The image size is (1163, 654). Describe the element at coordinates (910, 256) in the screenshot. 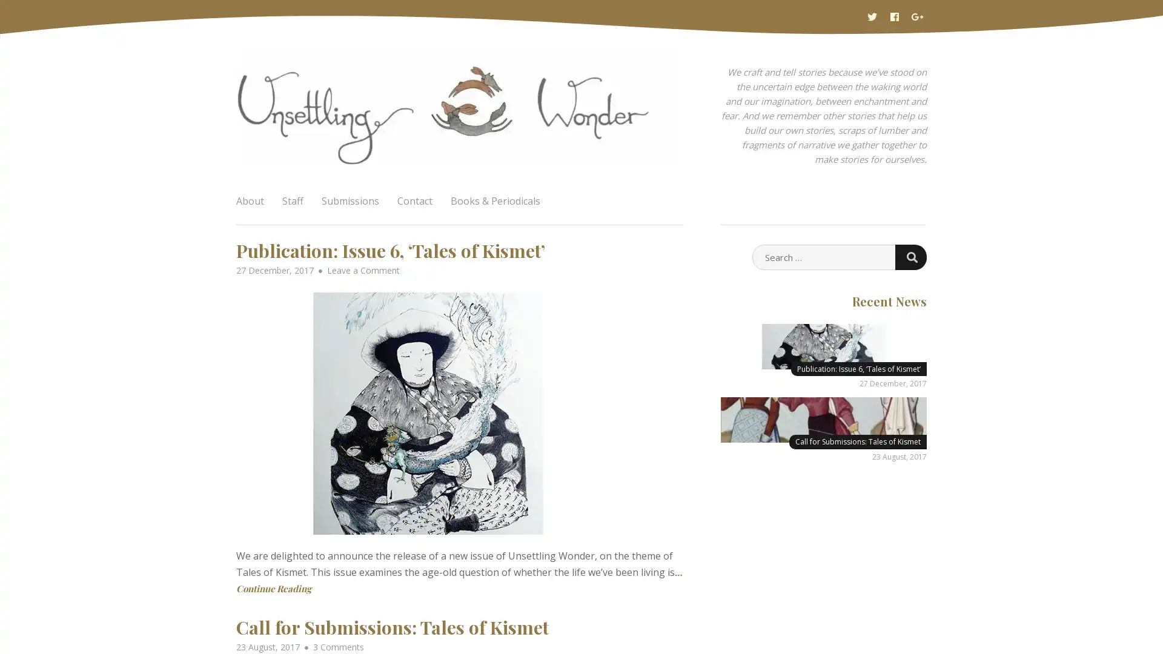

I see `SEARCH` at that location.